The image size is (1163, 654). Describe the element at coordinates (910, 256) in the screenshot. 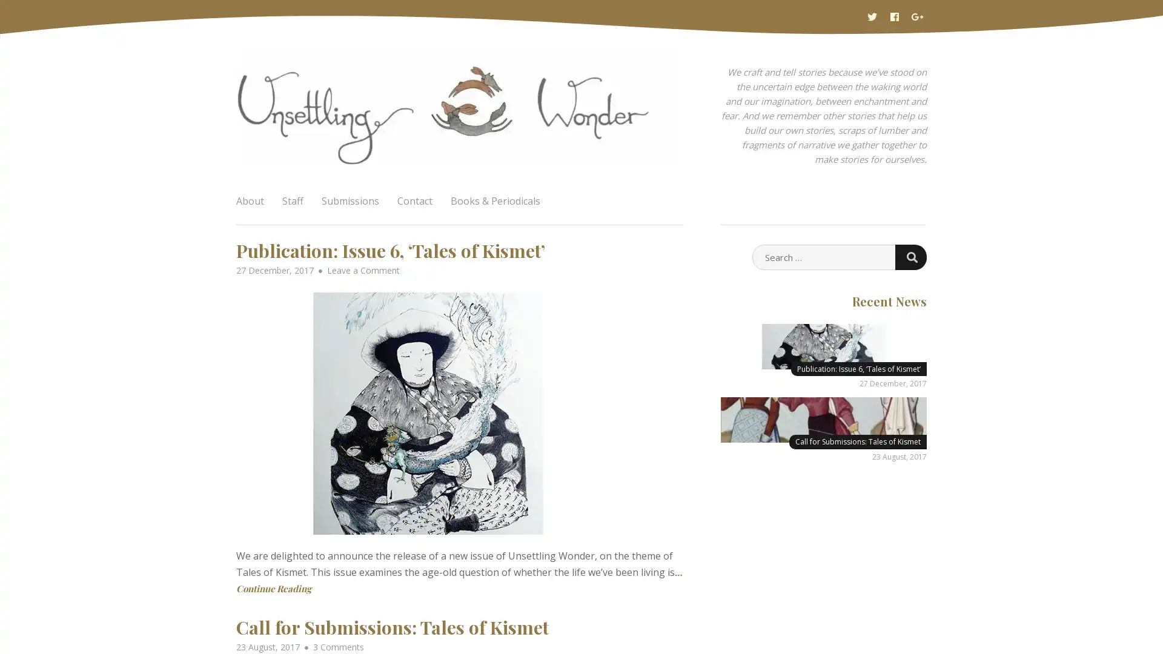

I see `SEARCH` at that location.